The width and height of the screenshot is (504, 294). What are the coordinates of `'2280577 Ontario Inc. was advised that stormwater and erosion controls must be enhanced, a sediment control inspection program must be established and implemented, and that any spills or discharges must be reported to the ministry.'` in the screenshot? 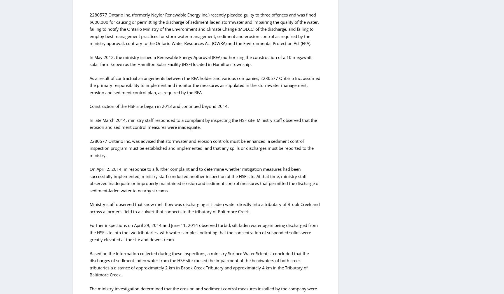 It's located at (201, 148).